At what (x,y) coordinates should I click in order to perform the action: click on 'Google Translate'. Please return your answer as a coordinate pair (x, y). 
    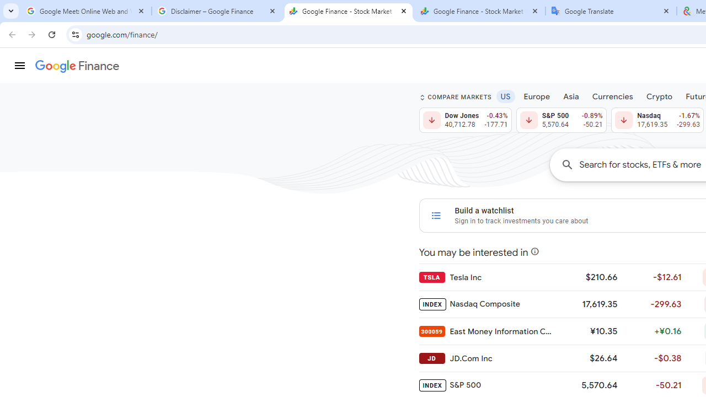
    Looking at the image, I should click on (611, 11).